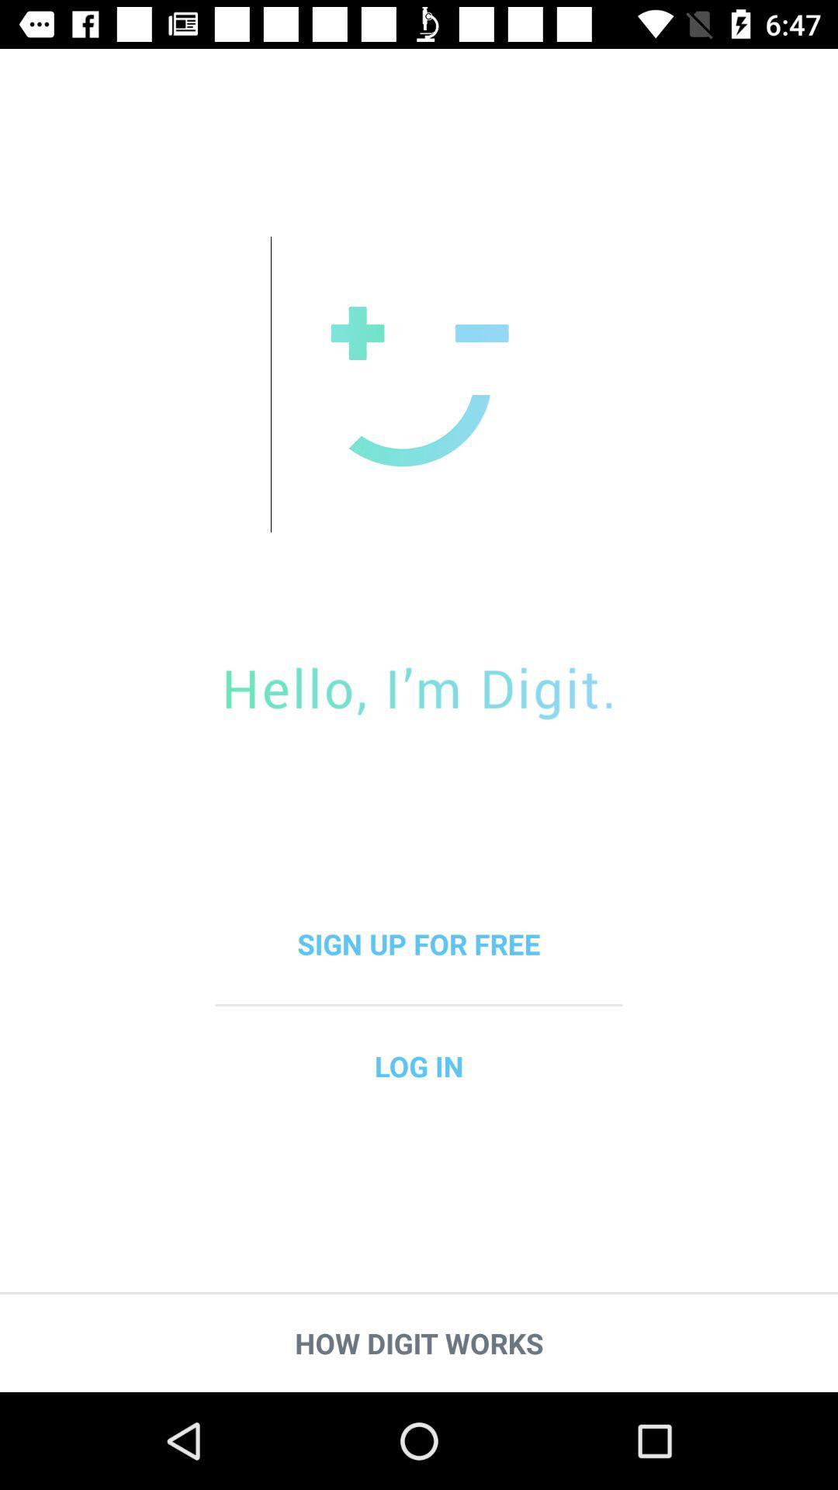 This screenshot has height=1490, width=838. Describe the element at coordinates (419, 943) in the screenshot. I see `the sign up for` at that location.